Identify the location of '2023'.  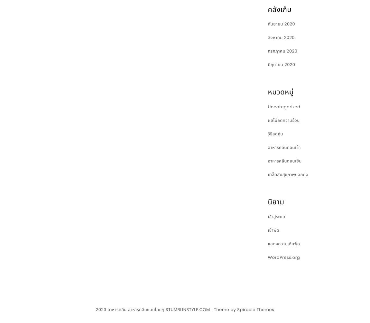
(101, 309).